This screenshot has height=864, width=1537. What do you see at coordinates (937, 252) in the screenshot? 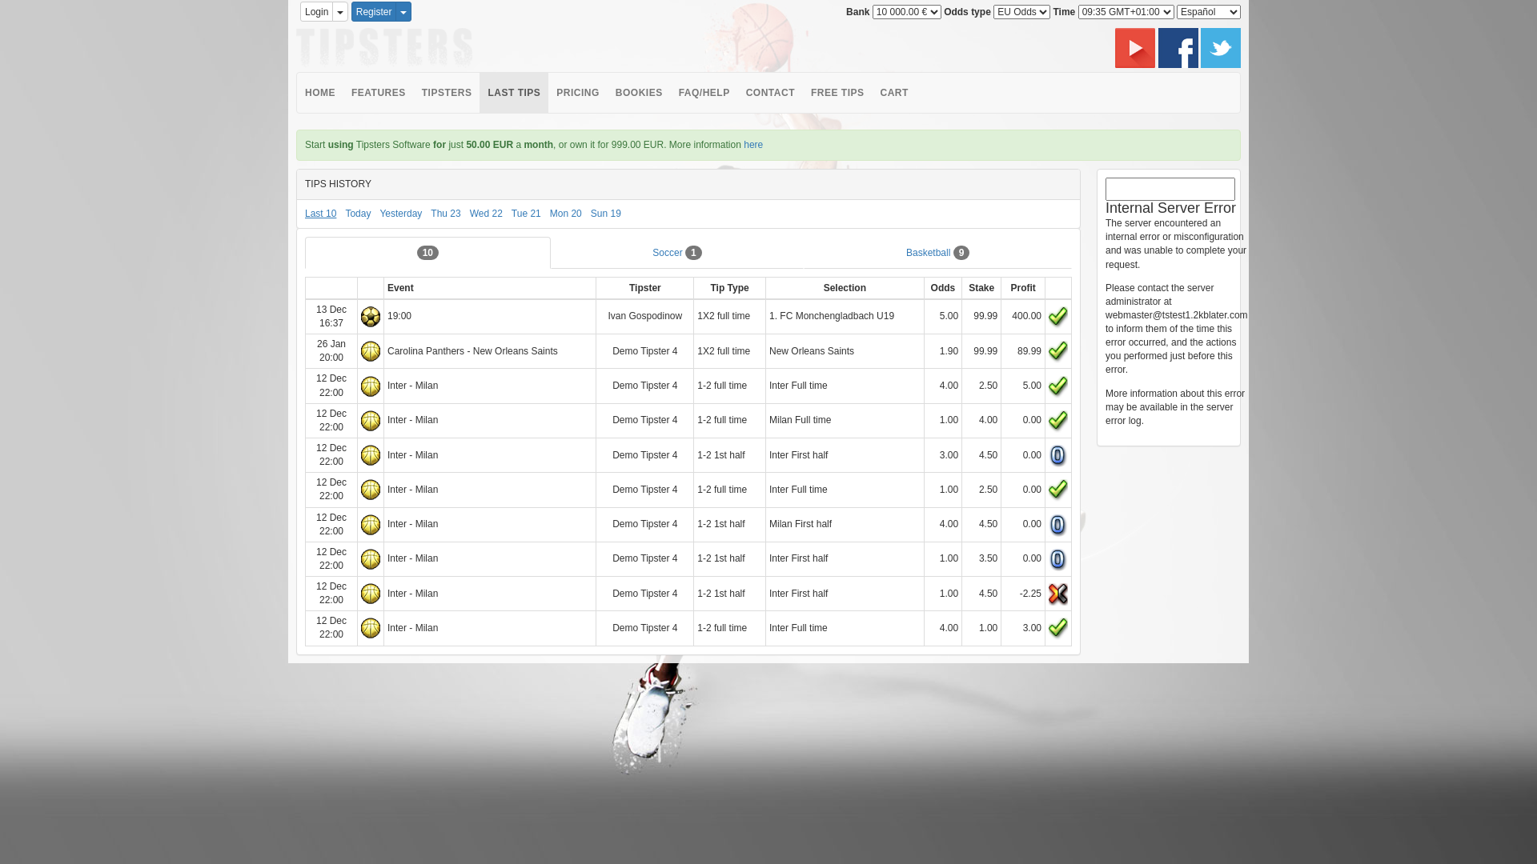
I see `'Basketball 9'` at bounding box center [937, 252].